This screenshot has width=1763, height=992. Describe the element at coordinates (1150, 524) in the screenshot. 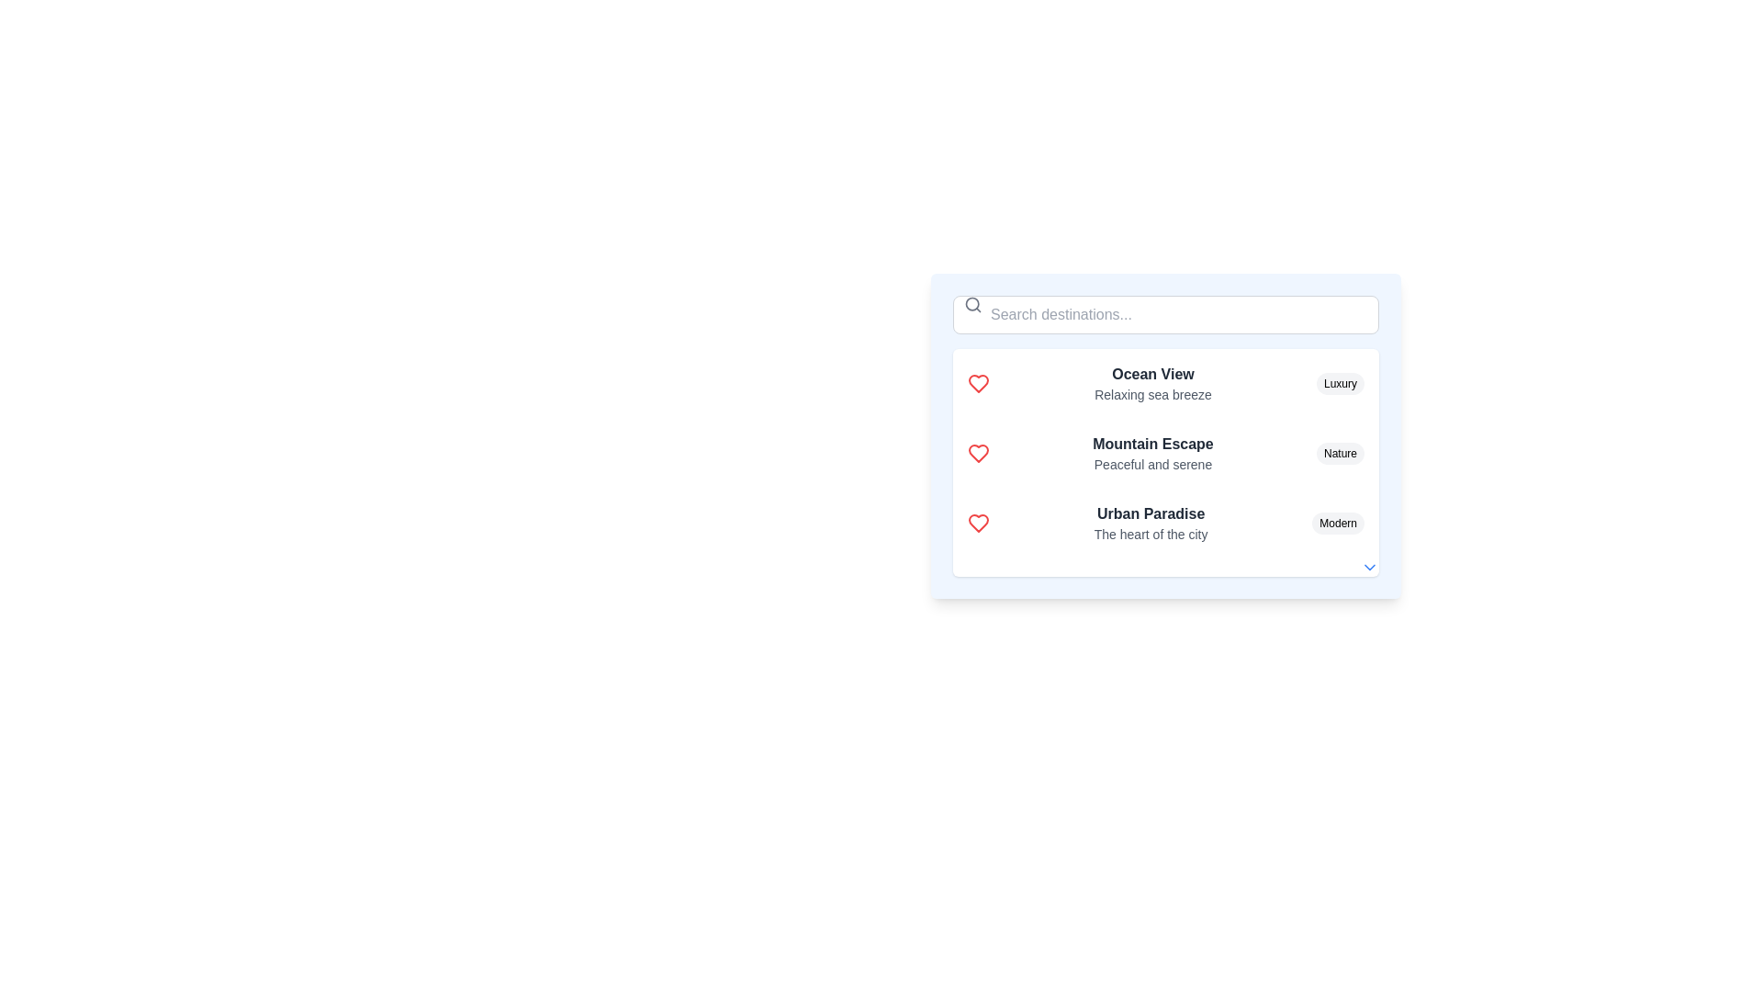

I see `the text block providing information about a destination, which is the third entry in a vertical list situated between 'Mountain Escape' and 'Modern'` at that location.